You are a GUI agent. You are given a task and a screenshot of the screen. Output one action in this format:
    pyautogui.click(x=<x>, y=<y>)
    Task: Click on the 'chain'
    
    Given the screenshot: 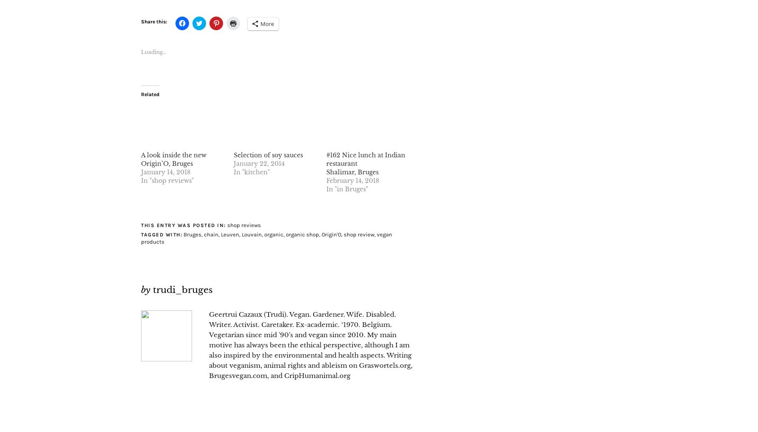 What is the action you would take?
    pyautogui.click(x=211, y=234)
    